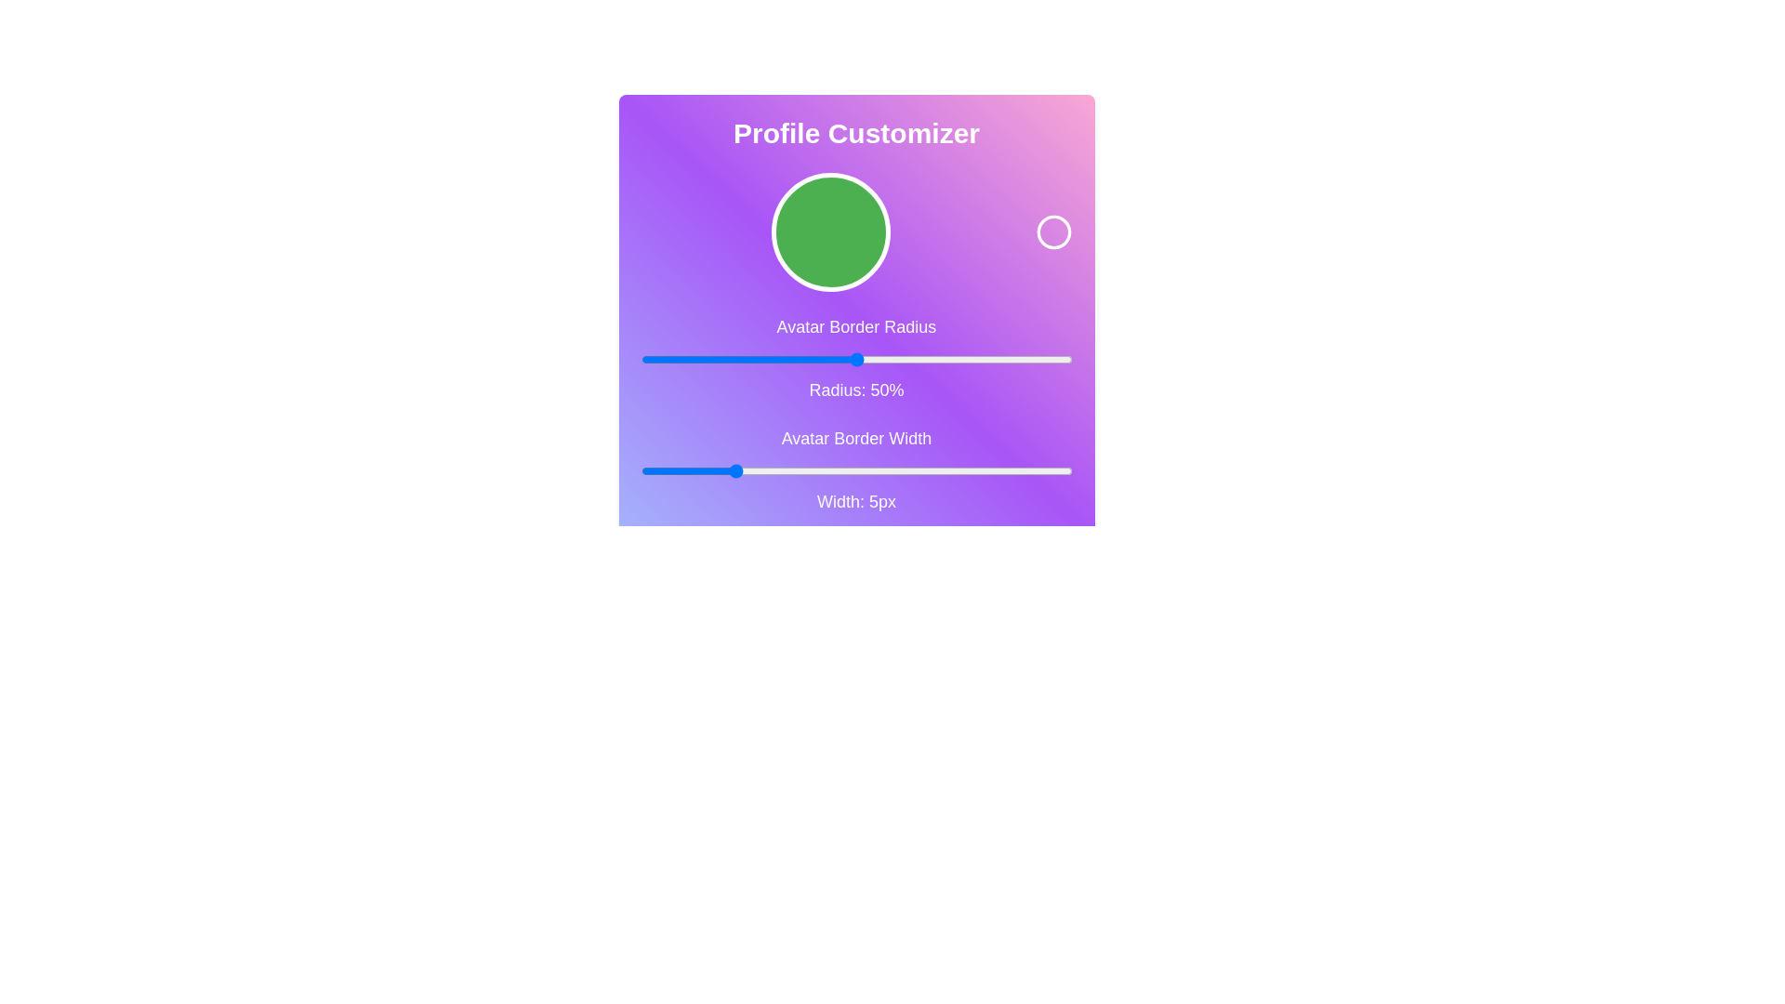  Describe the element at coordinates (829, 231) in the screenshot. I see `the avatar display area` at that location.